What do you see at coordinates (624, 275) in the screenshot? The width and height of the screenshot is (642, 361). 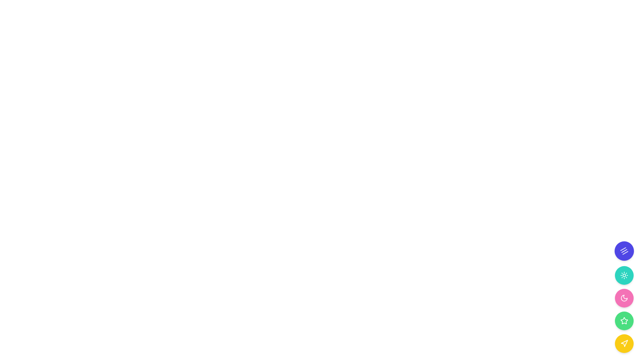 I see `the teal-colored circular button that represents daylight or brightness settings` at bounding box center [624, 275].